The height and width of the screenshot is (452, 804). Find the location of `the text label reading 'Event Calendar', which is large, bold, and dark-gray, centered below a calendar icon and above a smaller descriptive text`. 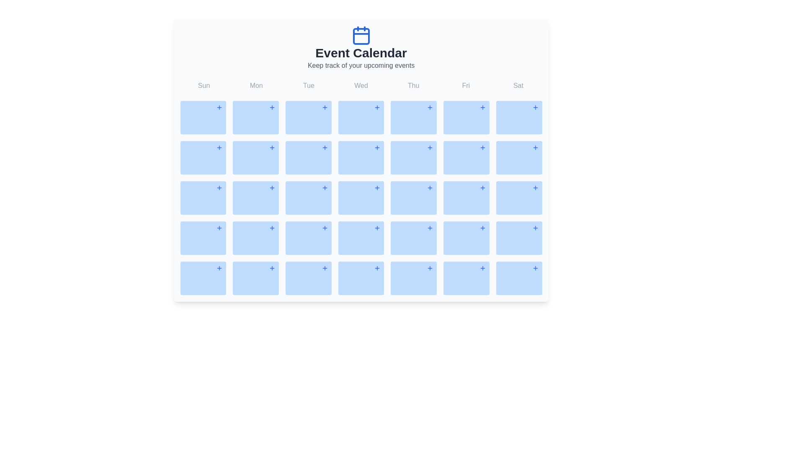

the text label reading 'Event Calendar', which is large, bold, and dark-gray, centered below a calendar icon and above a smaller descriptive text is located at coordinates (361, 53).